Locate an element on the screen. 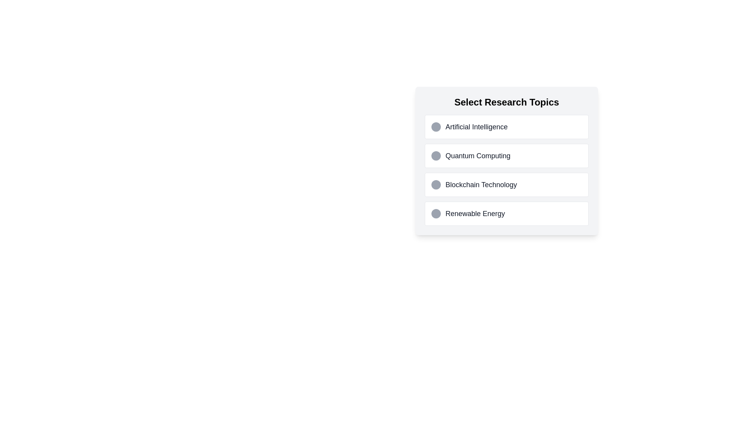  the second selectable list item in the 'Select Research Topics' list is located at coordinates (471, 156).